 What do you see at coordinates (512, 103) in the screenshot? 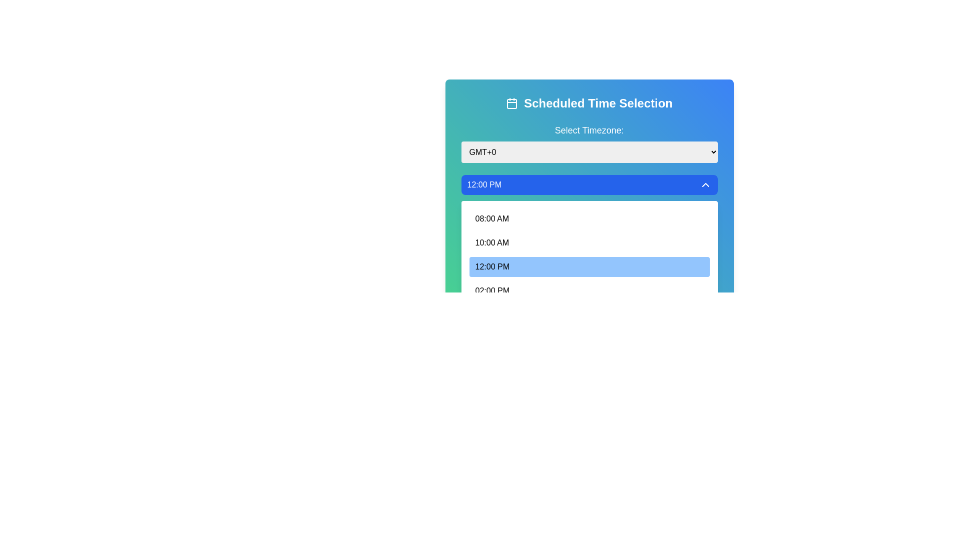
I see `the calendar icon located to the left of the text 'Scheduled Time Selection', which has a minimalistic design with a box outline and vertical lines at the top` at bounding box center [512, 103].